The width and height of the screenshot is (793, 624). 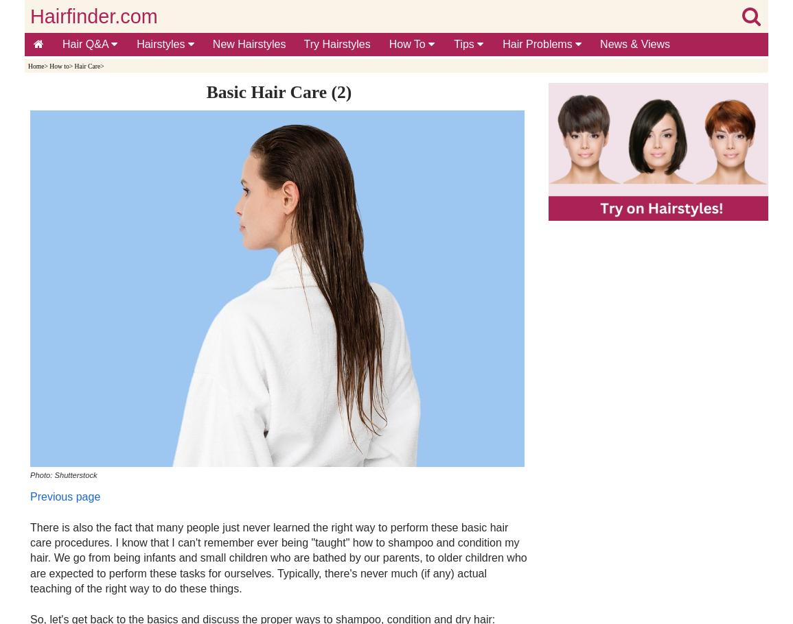 What do you see at coordinates (59, 65) in the screenshot?
I see `'How to'` at bounding box center [59, 65].